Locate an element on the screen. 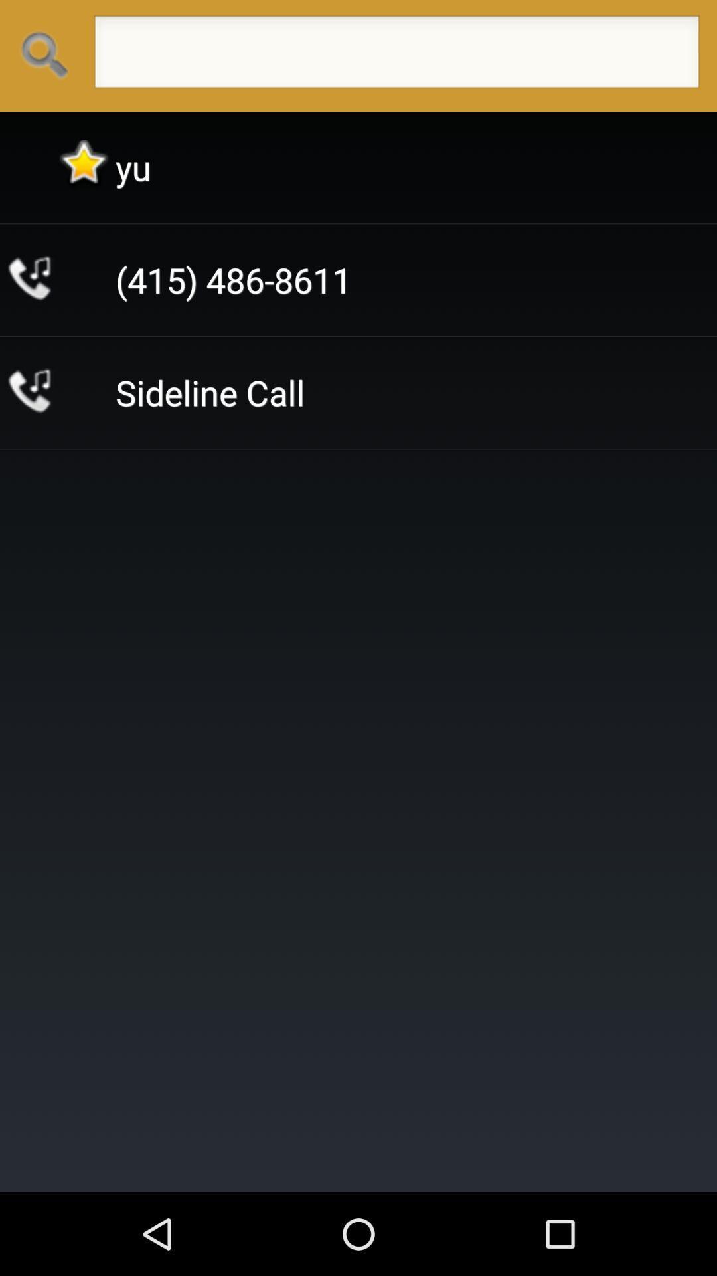 The width and height of the screenshot is (717, 1276). the app below the (415) 486-8611 is located at coordinates (209, 391).